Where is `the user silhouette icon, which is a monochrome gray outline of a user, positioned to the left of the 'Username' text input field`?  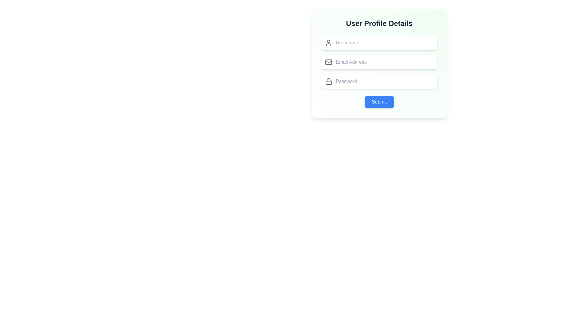 the user silhouette icon, which is a monochrome gray outline of a user, positioned to the left of the 'Username' text input field is located at coordinates (328, 43).